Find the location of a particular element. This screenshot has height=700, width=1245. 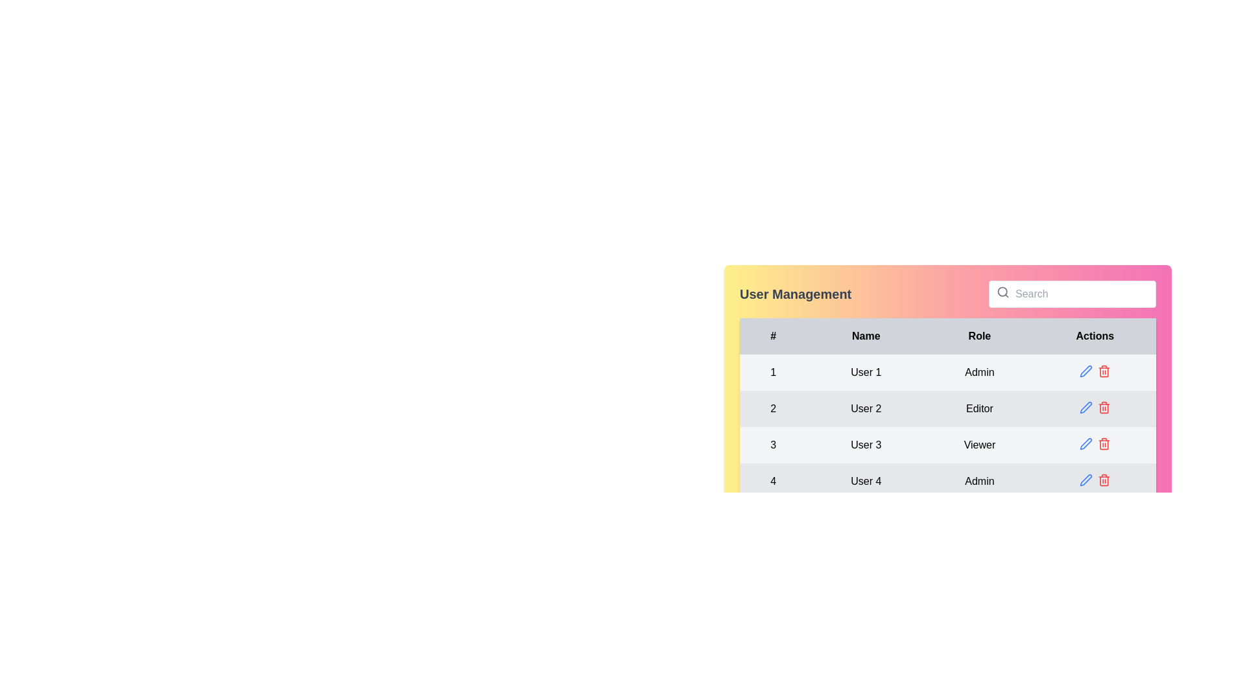

the editing icon button located in the 'Actions' column of the first row for 'User 1' is located at coordinates (1085, 371).